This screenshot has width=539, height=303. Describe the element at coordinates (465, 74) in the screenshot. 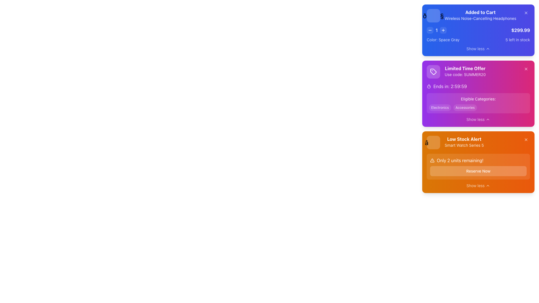

I see `the informational text block displaying the promotional code 'SUMMER20', which is located under the 'Limited Time Offer' text within a purple card on the right side of the interface` at that location.